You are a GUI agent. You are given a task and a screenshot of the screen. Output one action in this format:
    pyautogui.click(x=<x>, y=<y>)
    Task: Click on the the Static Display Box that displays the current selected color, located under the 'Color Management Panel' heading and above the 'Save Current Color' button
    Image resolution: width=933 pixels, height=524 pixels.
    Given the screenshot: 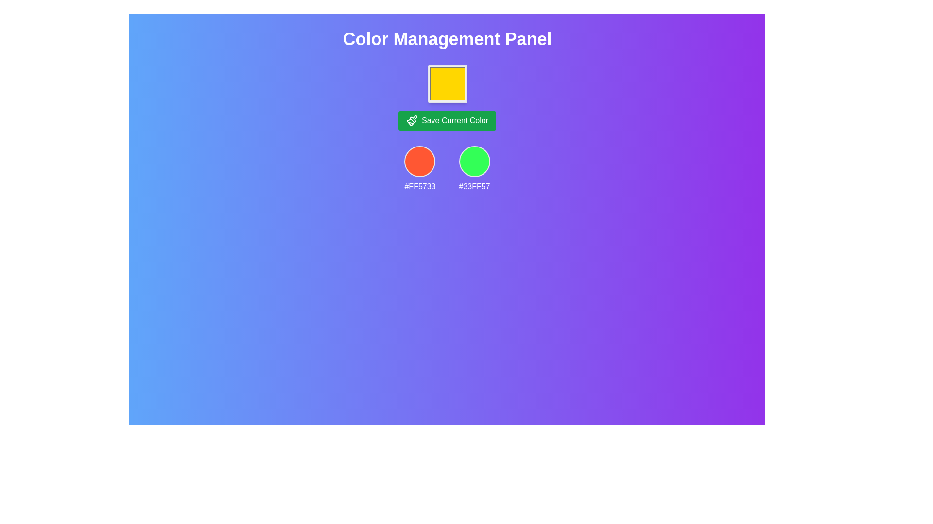 What is the action you would take?
    pyautogui.click(x=447, y=97)
    